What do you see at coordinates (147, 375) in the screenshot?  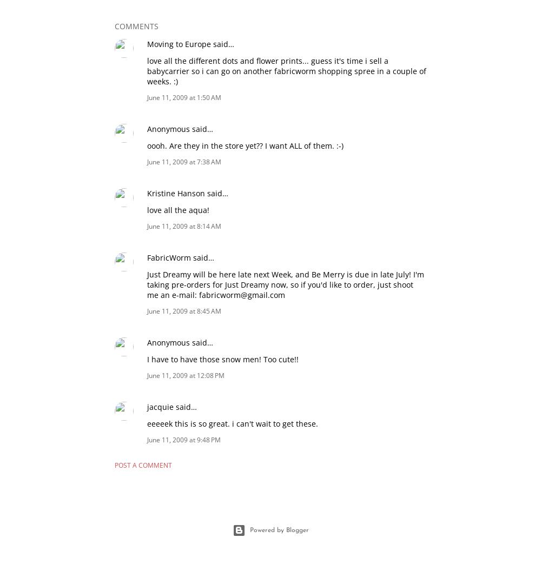 I see `'June 11, 2009 at 12:08 PM'` at bounding box center [147, 375].